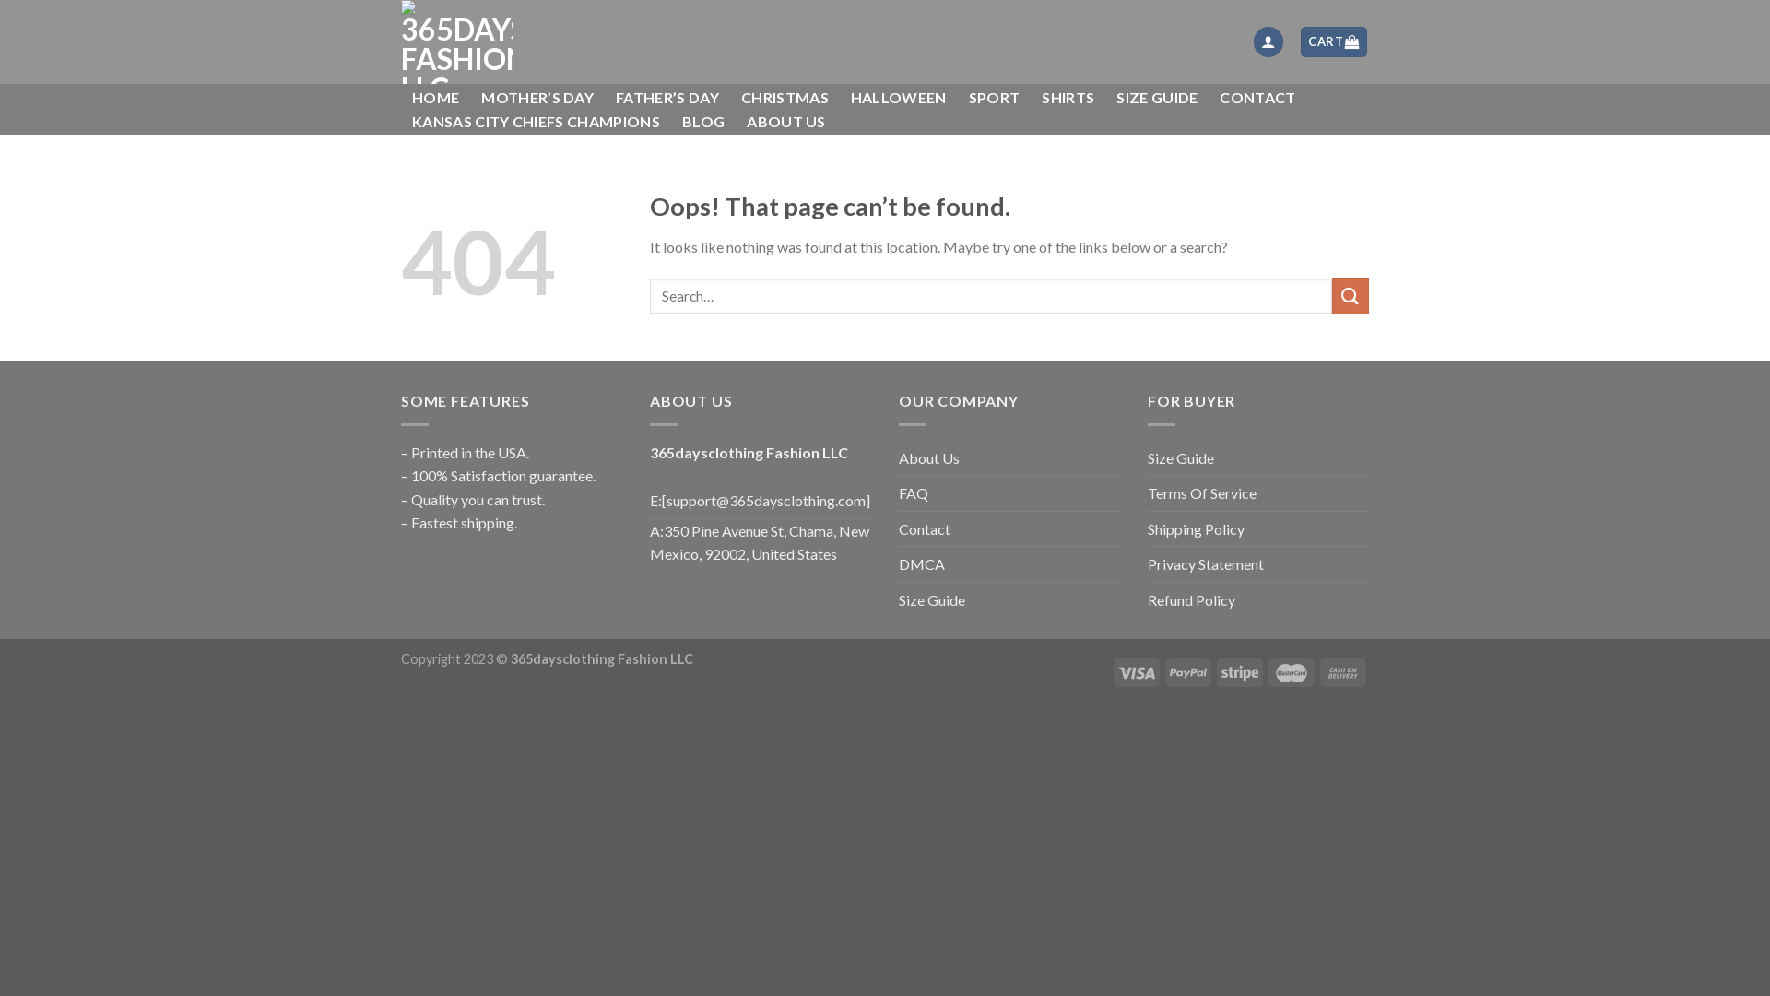  What do you see at coordinates (1202, 492) in the screenshot?
I see `'Terms Of Service'` at bounding box center [1202, 492].